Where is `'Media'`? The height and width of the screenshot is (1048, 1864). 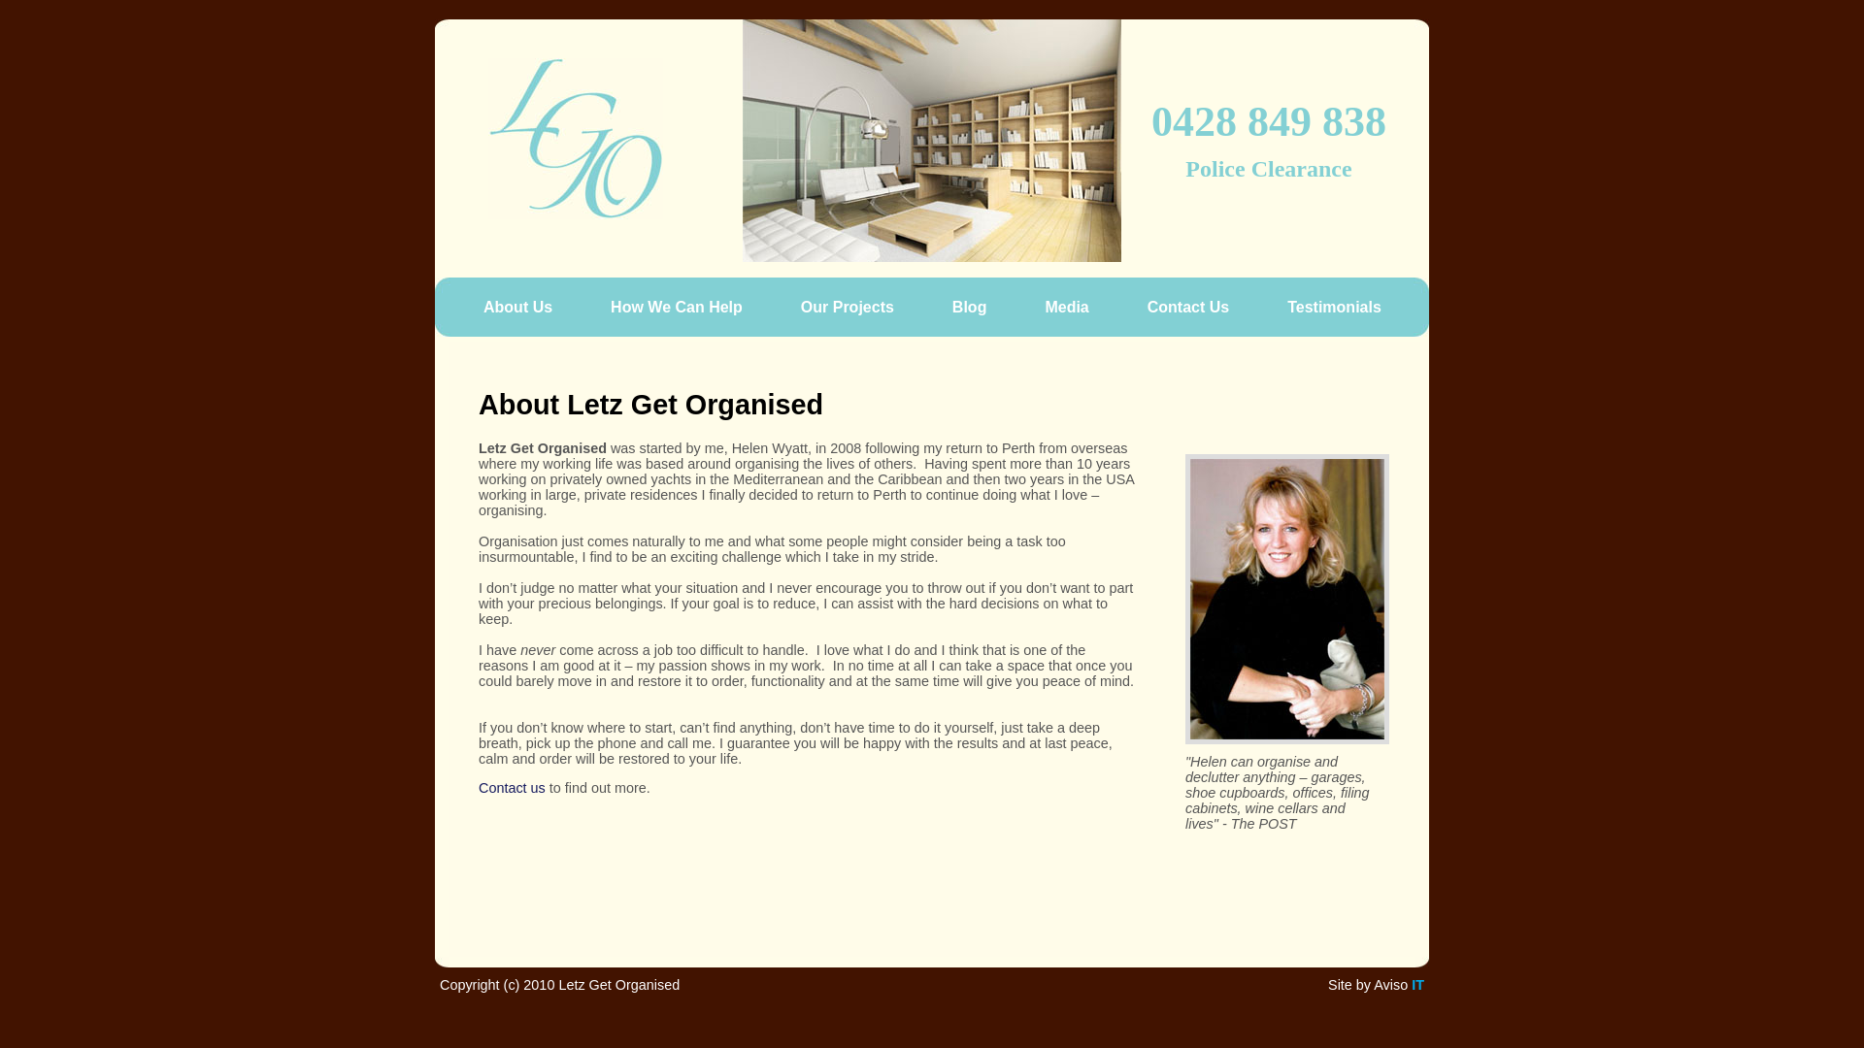 'Media' is located at coordinates (1033, 306).